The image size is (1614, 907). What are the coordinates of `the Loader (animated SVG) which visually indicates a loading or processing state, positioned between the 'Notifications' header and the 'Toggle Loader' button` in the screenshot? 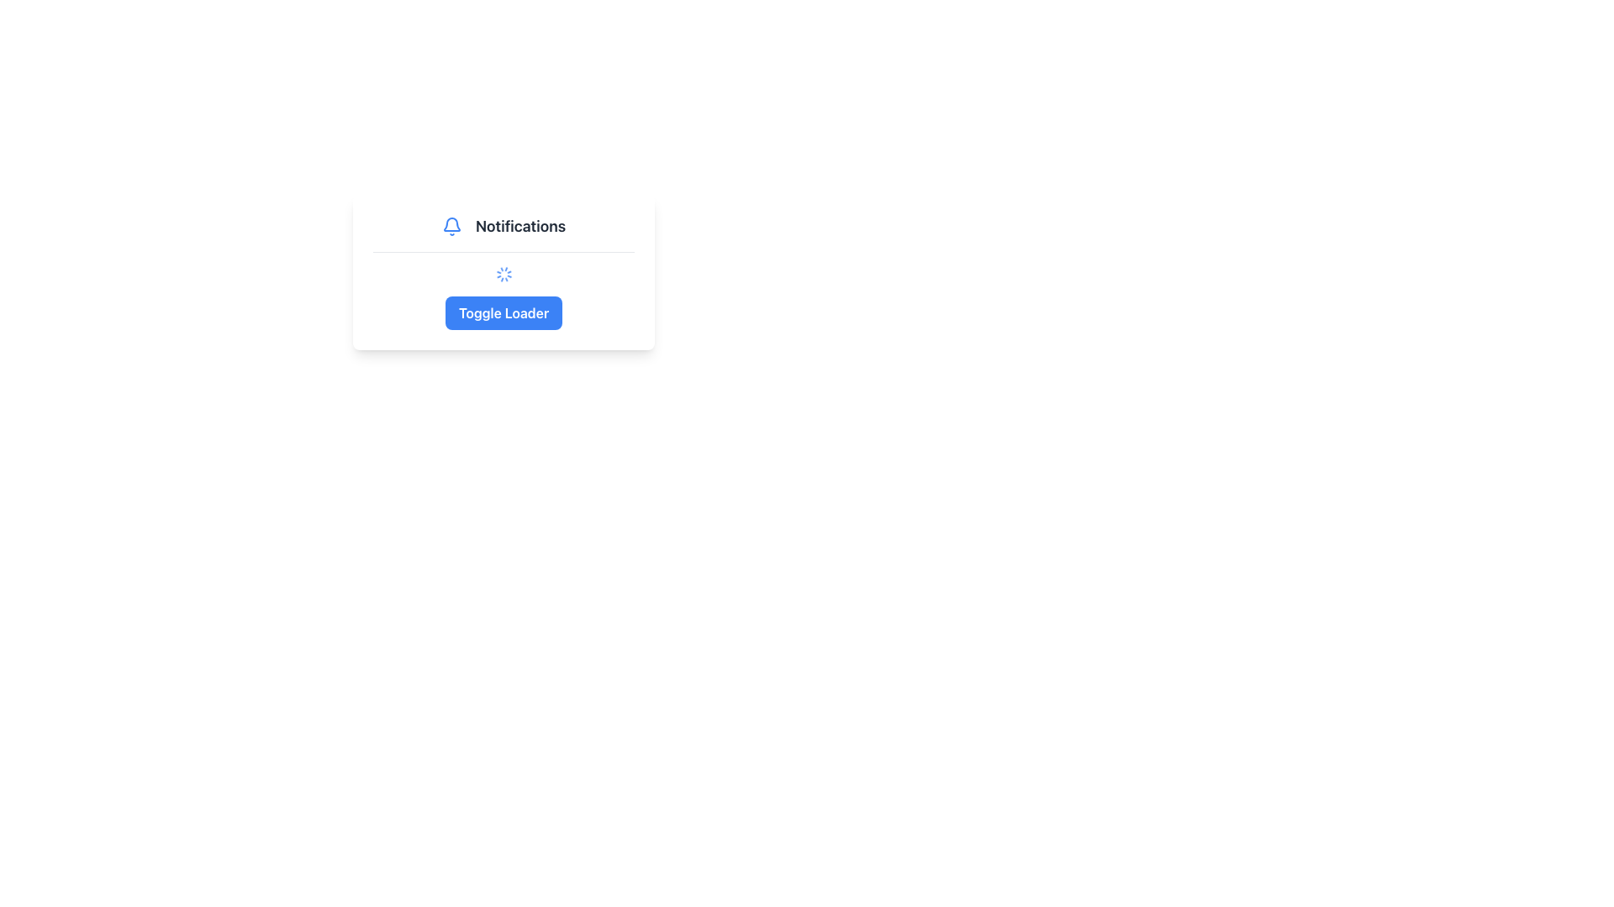 It's located at (503, 274).